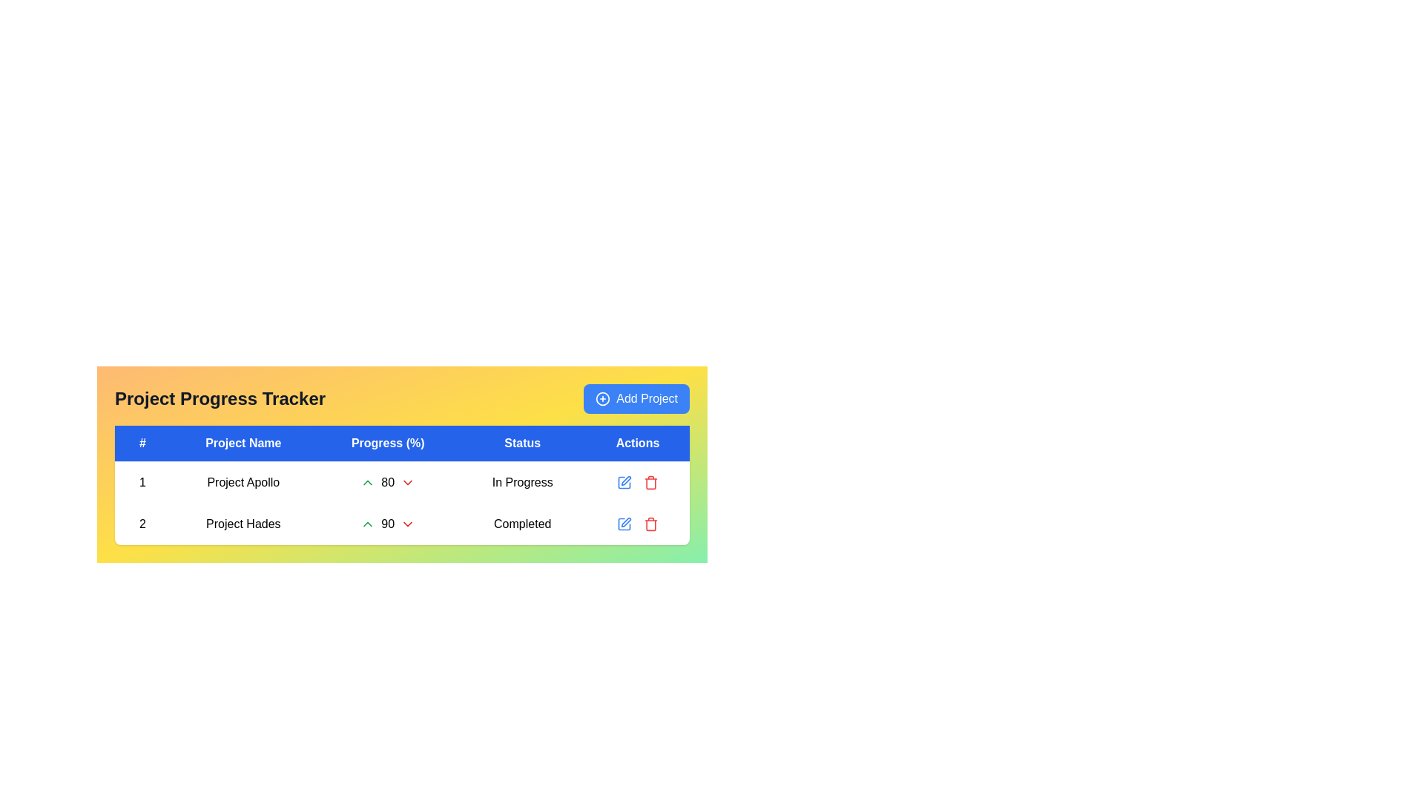 Image resolution: width=1424 pixels, height=801 pixels. What do you see at coordinates (624, 523) in the screenshot?
I see `the 'edit' icon button located in the first position of the 'Actions' column in the second row of the table to initiate editing` at bounding box center [624, 523].